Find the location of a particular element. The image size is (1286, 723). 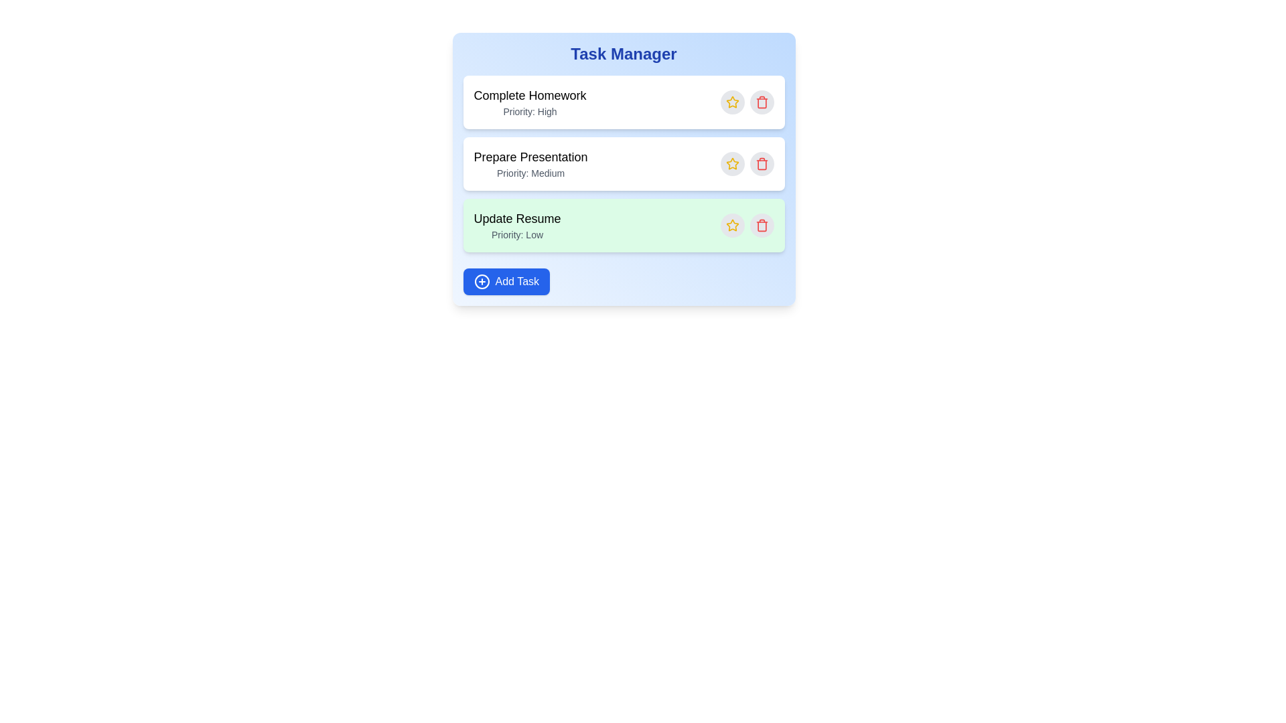

the 'Add Task' button to add a new task is located at coordinates (505, 280).